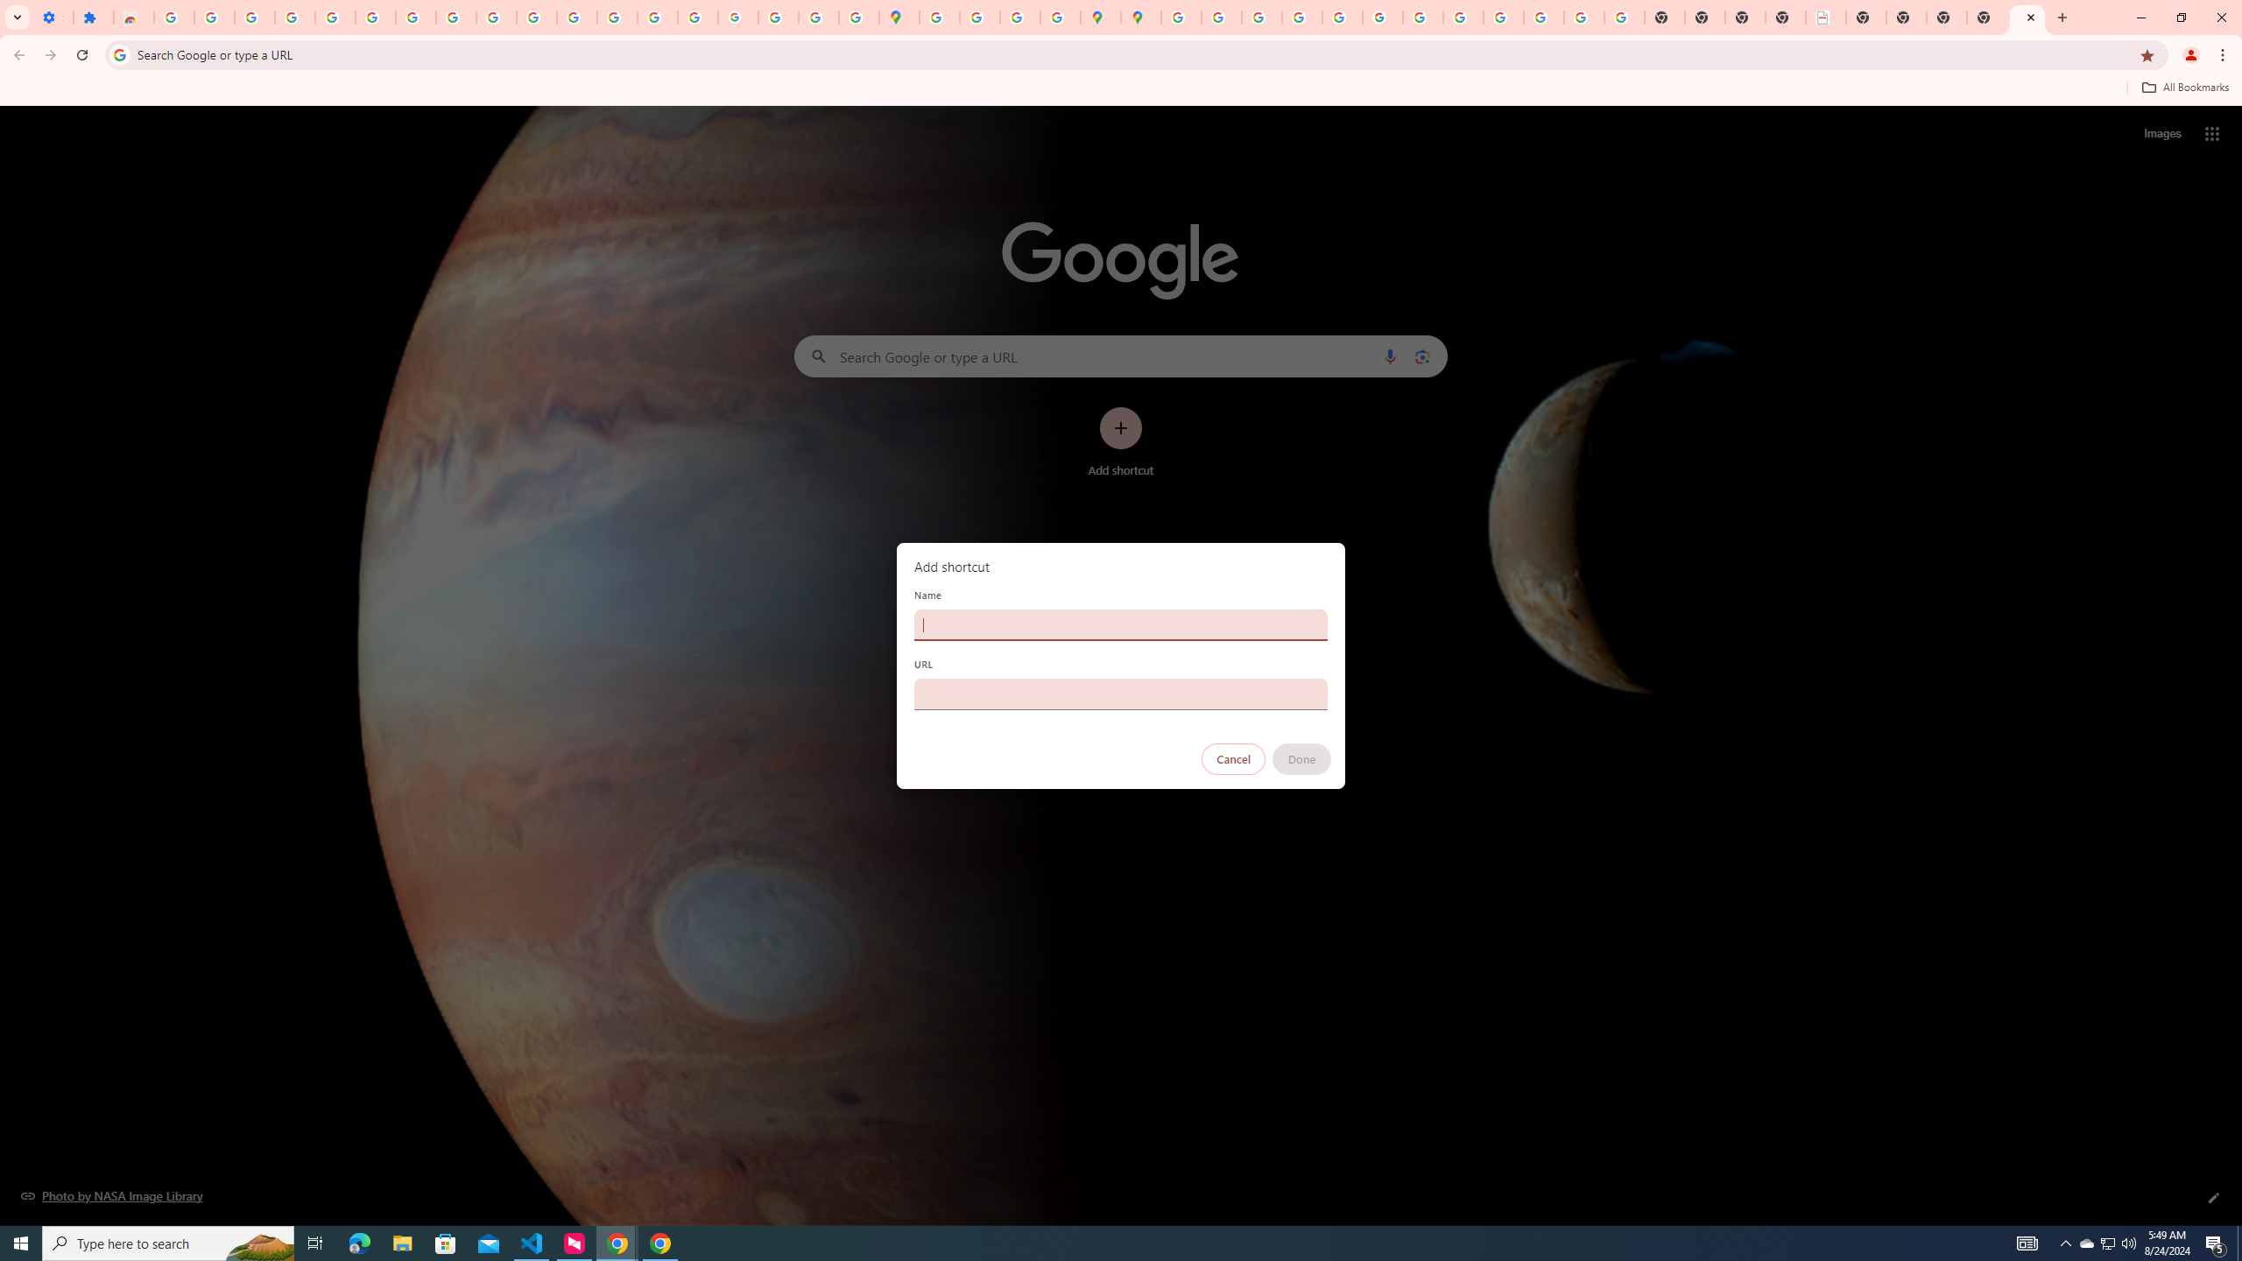 The height and width of the screenshot is (1261, 2242). What do you see at coordinates (2184, 87) in the screenshot?
I see `'All Bookmarks'` at bounding box center [2184, 87].